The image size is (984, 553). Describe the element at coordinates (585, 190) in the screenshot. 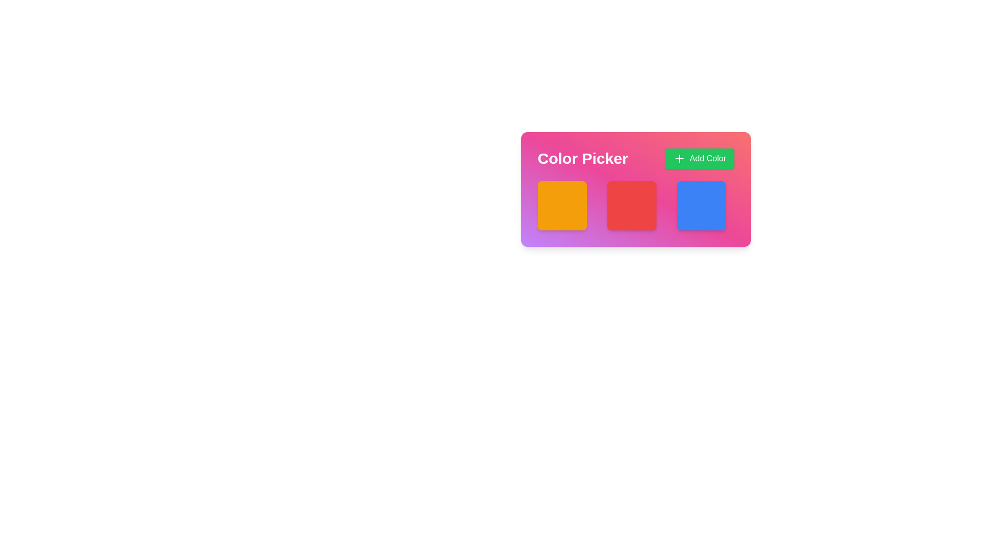

I see `the delete button located at the top-right corner of the first square (orange) in the color picker UI` at that location.